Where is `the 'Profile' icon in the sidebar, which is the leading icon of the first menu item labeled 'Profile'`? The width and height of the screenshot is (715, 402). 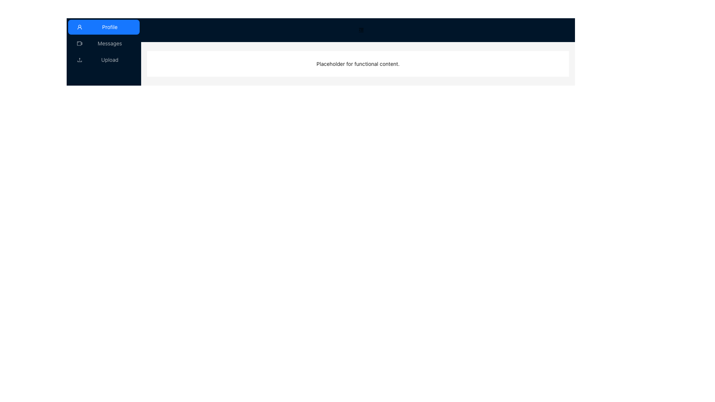 the 'Profile' icon in the sidebar, which is the leading icon of the first menu item labeled 'Profile' is located at coordinates (80, 27).